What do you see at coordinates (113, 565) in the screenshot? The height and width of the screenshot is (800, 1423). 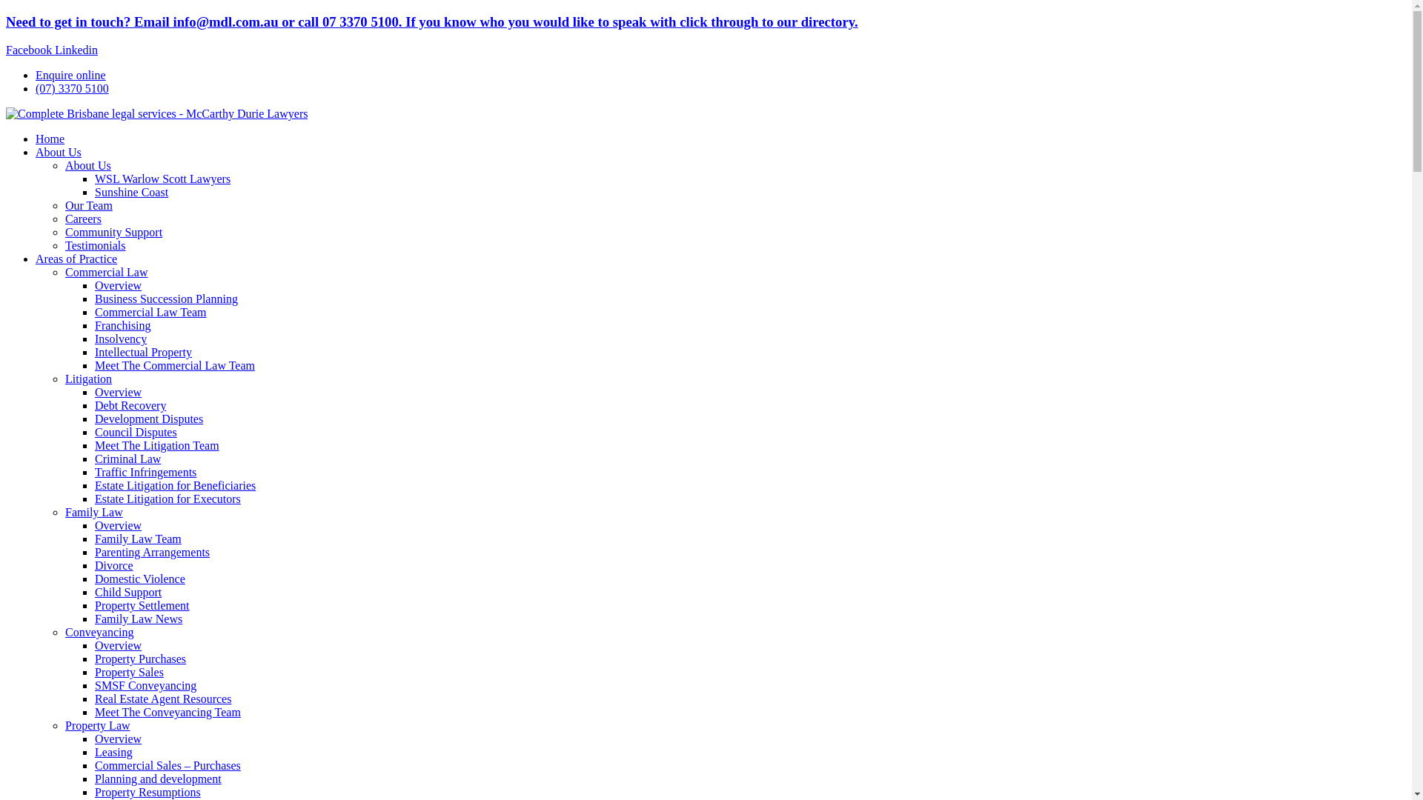 I see `'Divorce'` at bounding box center [113, 565].